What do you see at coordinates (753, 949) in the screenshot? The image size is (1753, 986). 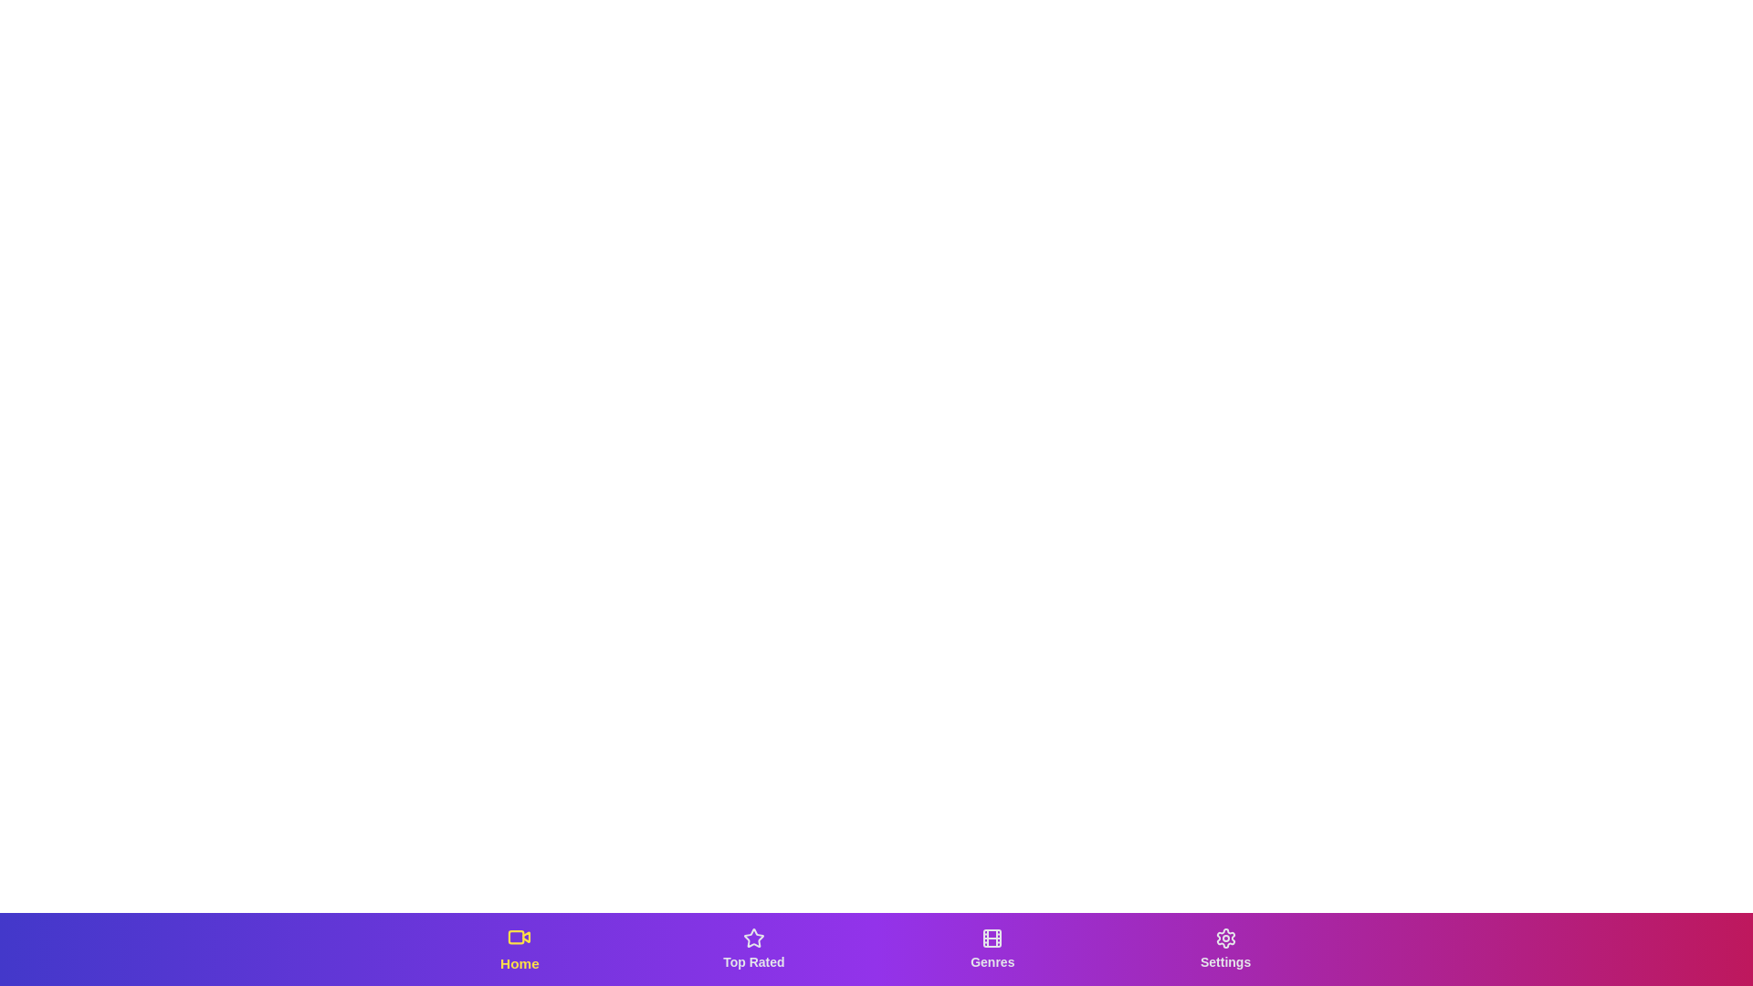 I see `the Top Rated tab from the navigation bar` at bounding box center [753, 949].